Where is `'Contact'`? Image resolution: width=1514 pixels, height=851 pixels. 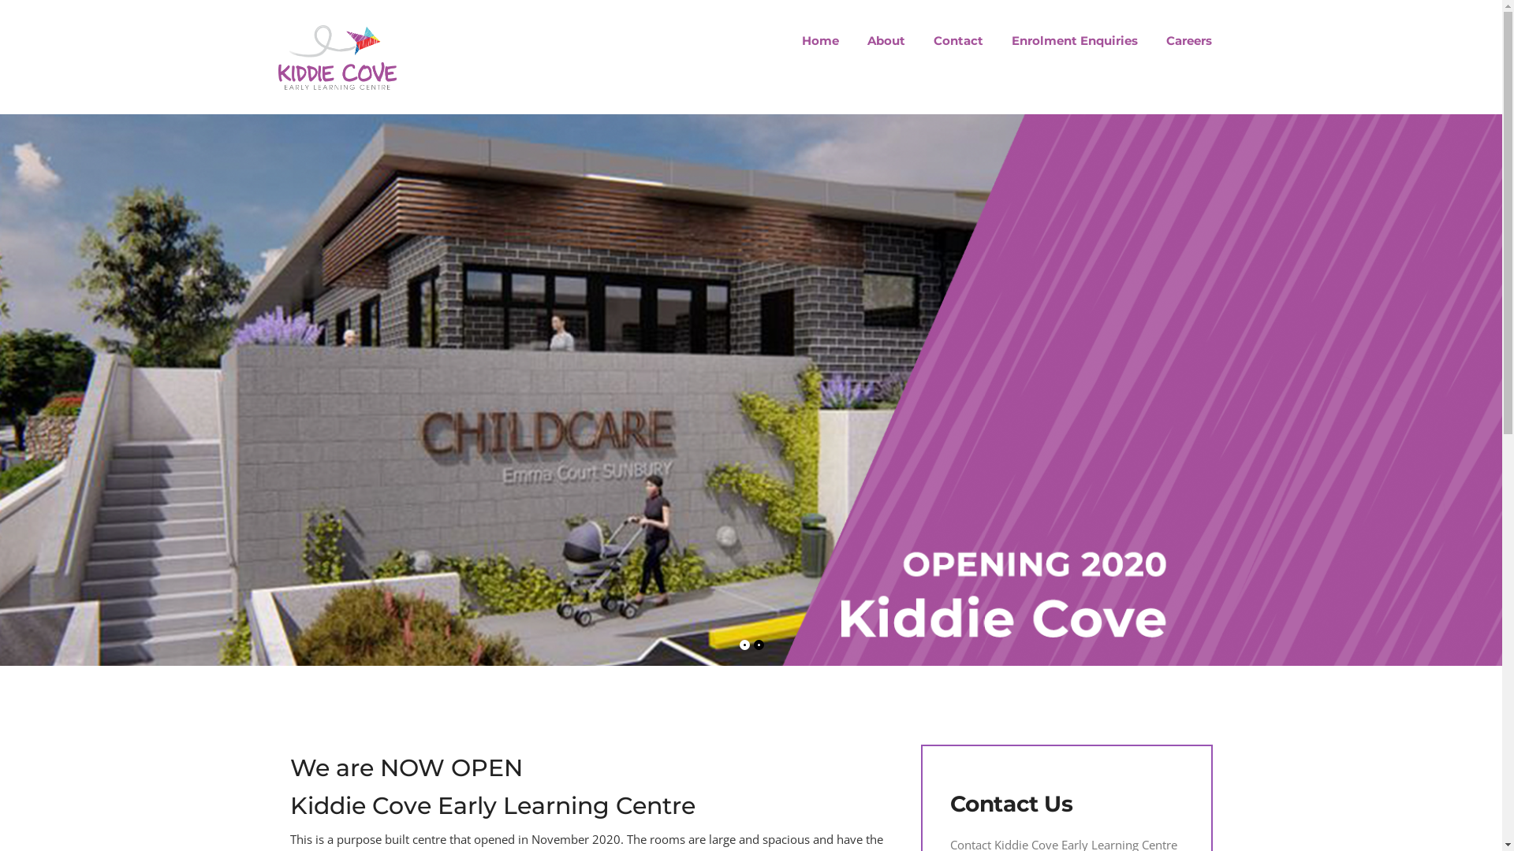
'Contact' is located at coordinates (919, 39).